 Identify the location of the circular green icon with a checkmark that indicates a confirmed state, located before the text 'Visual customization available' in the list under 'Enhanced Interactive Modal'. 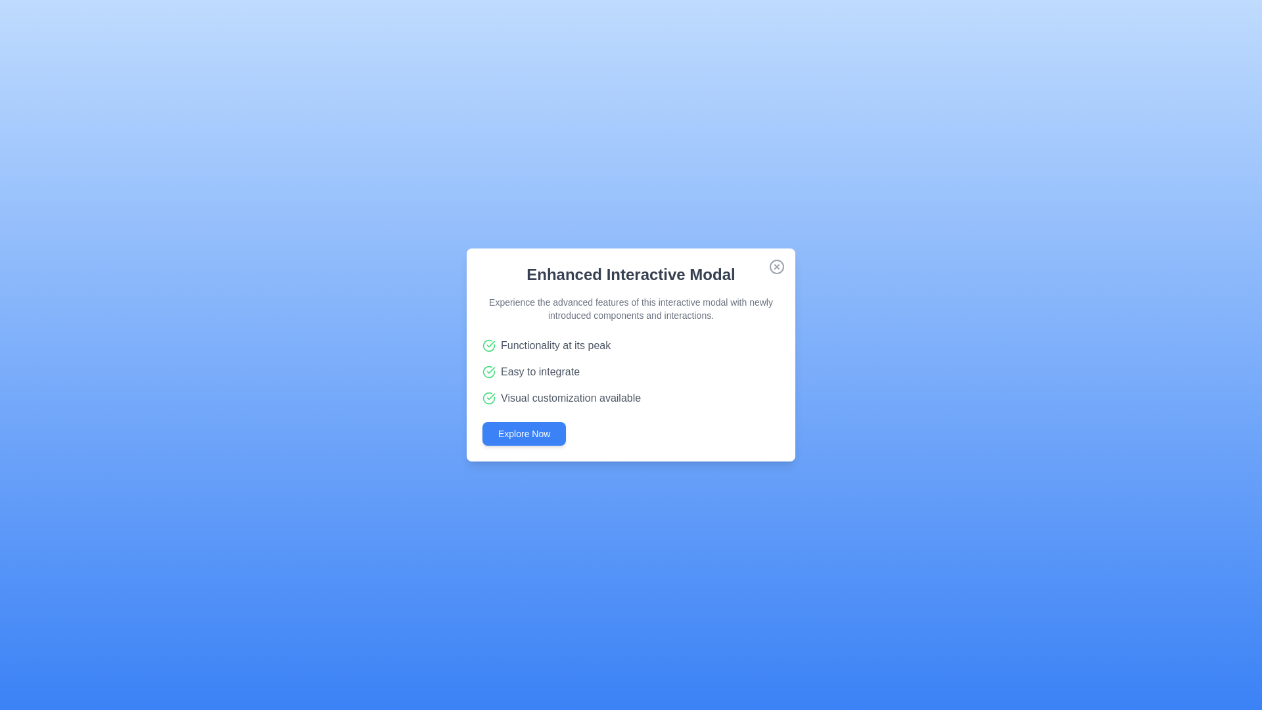
(488, 397).